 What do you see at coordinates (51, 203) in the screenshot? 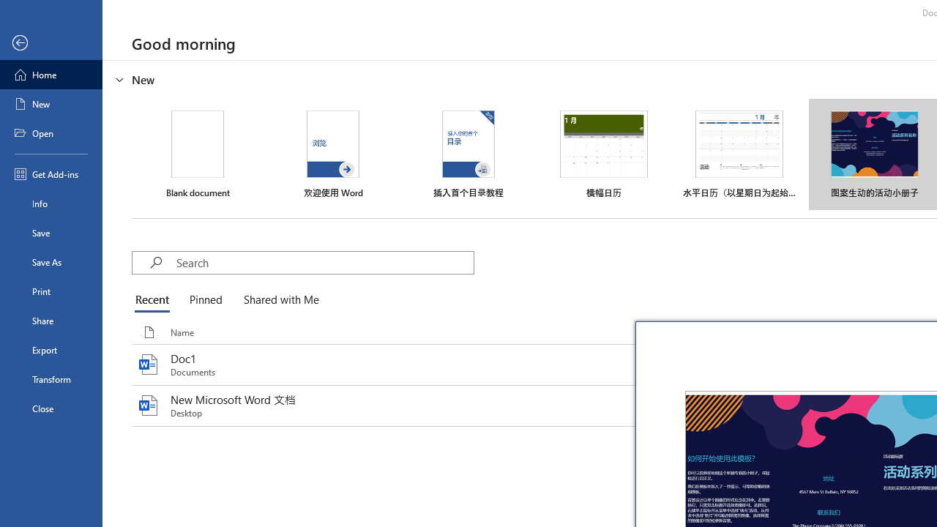
I see `'Info'` at bounding box center [51, 203].